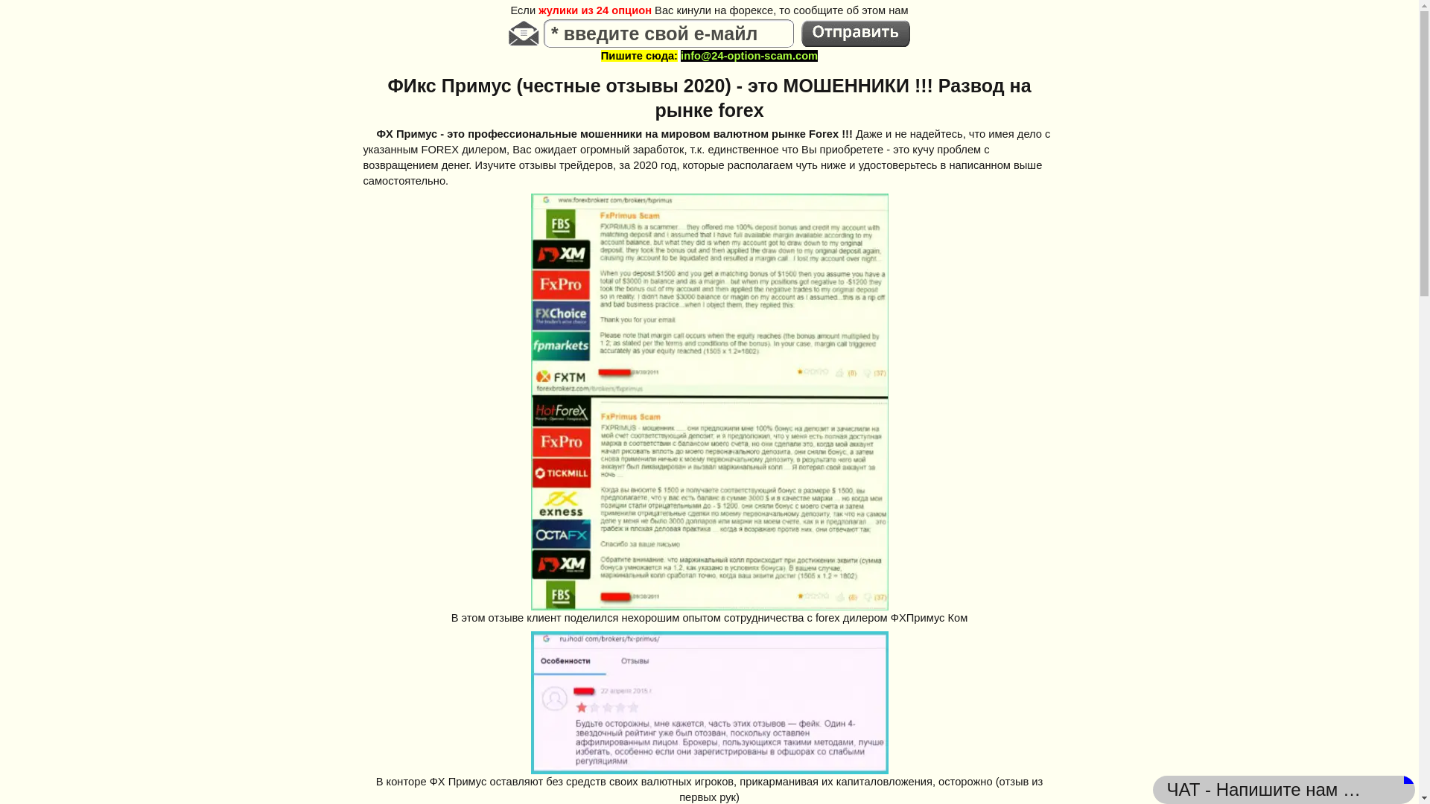 This screenshot has height=804, width=1430. I want to click on 'info@24-option-scam.com', so click(679, 54).